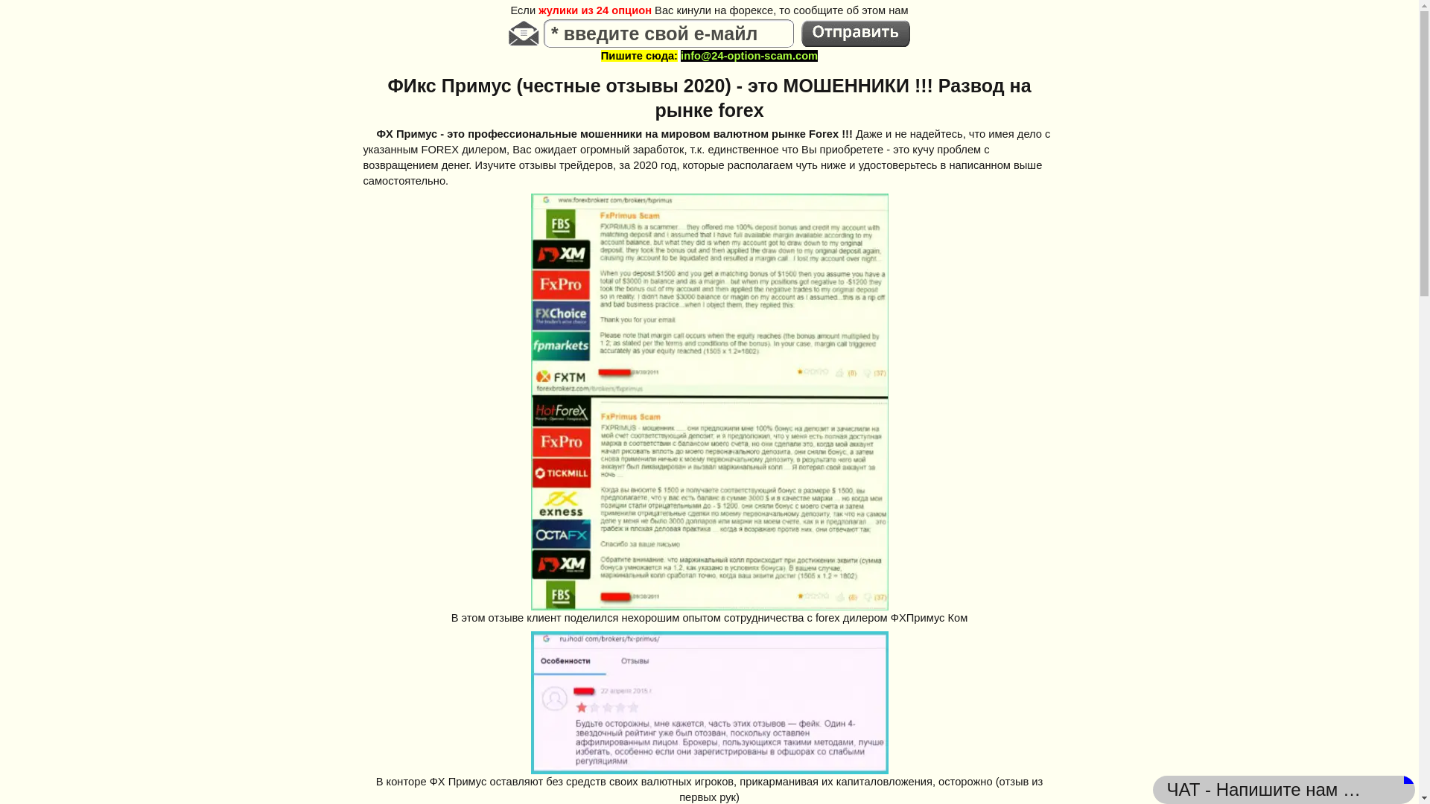 This screenshot has height=804, width=1430. I want to click on 'info@24-option-scam.com', so click(679, 54).